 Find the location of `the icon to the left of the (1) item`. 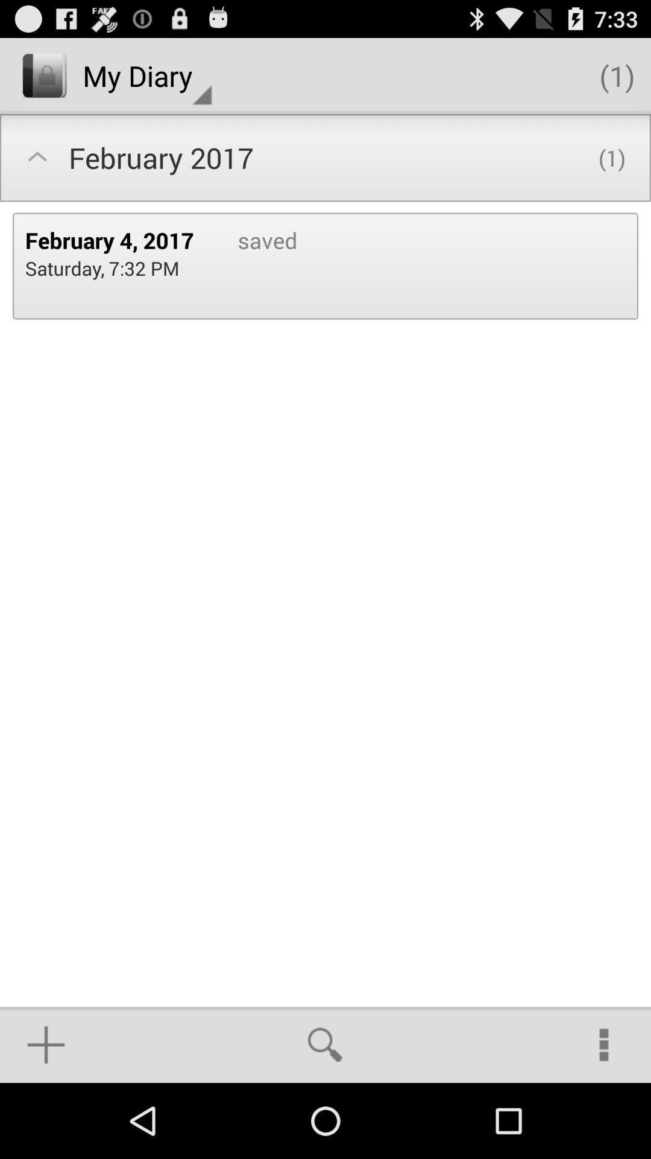

the icon to the left of the (1) item is located at coordinates (146, 75).